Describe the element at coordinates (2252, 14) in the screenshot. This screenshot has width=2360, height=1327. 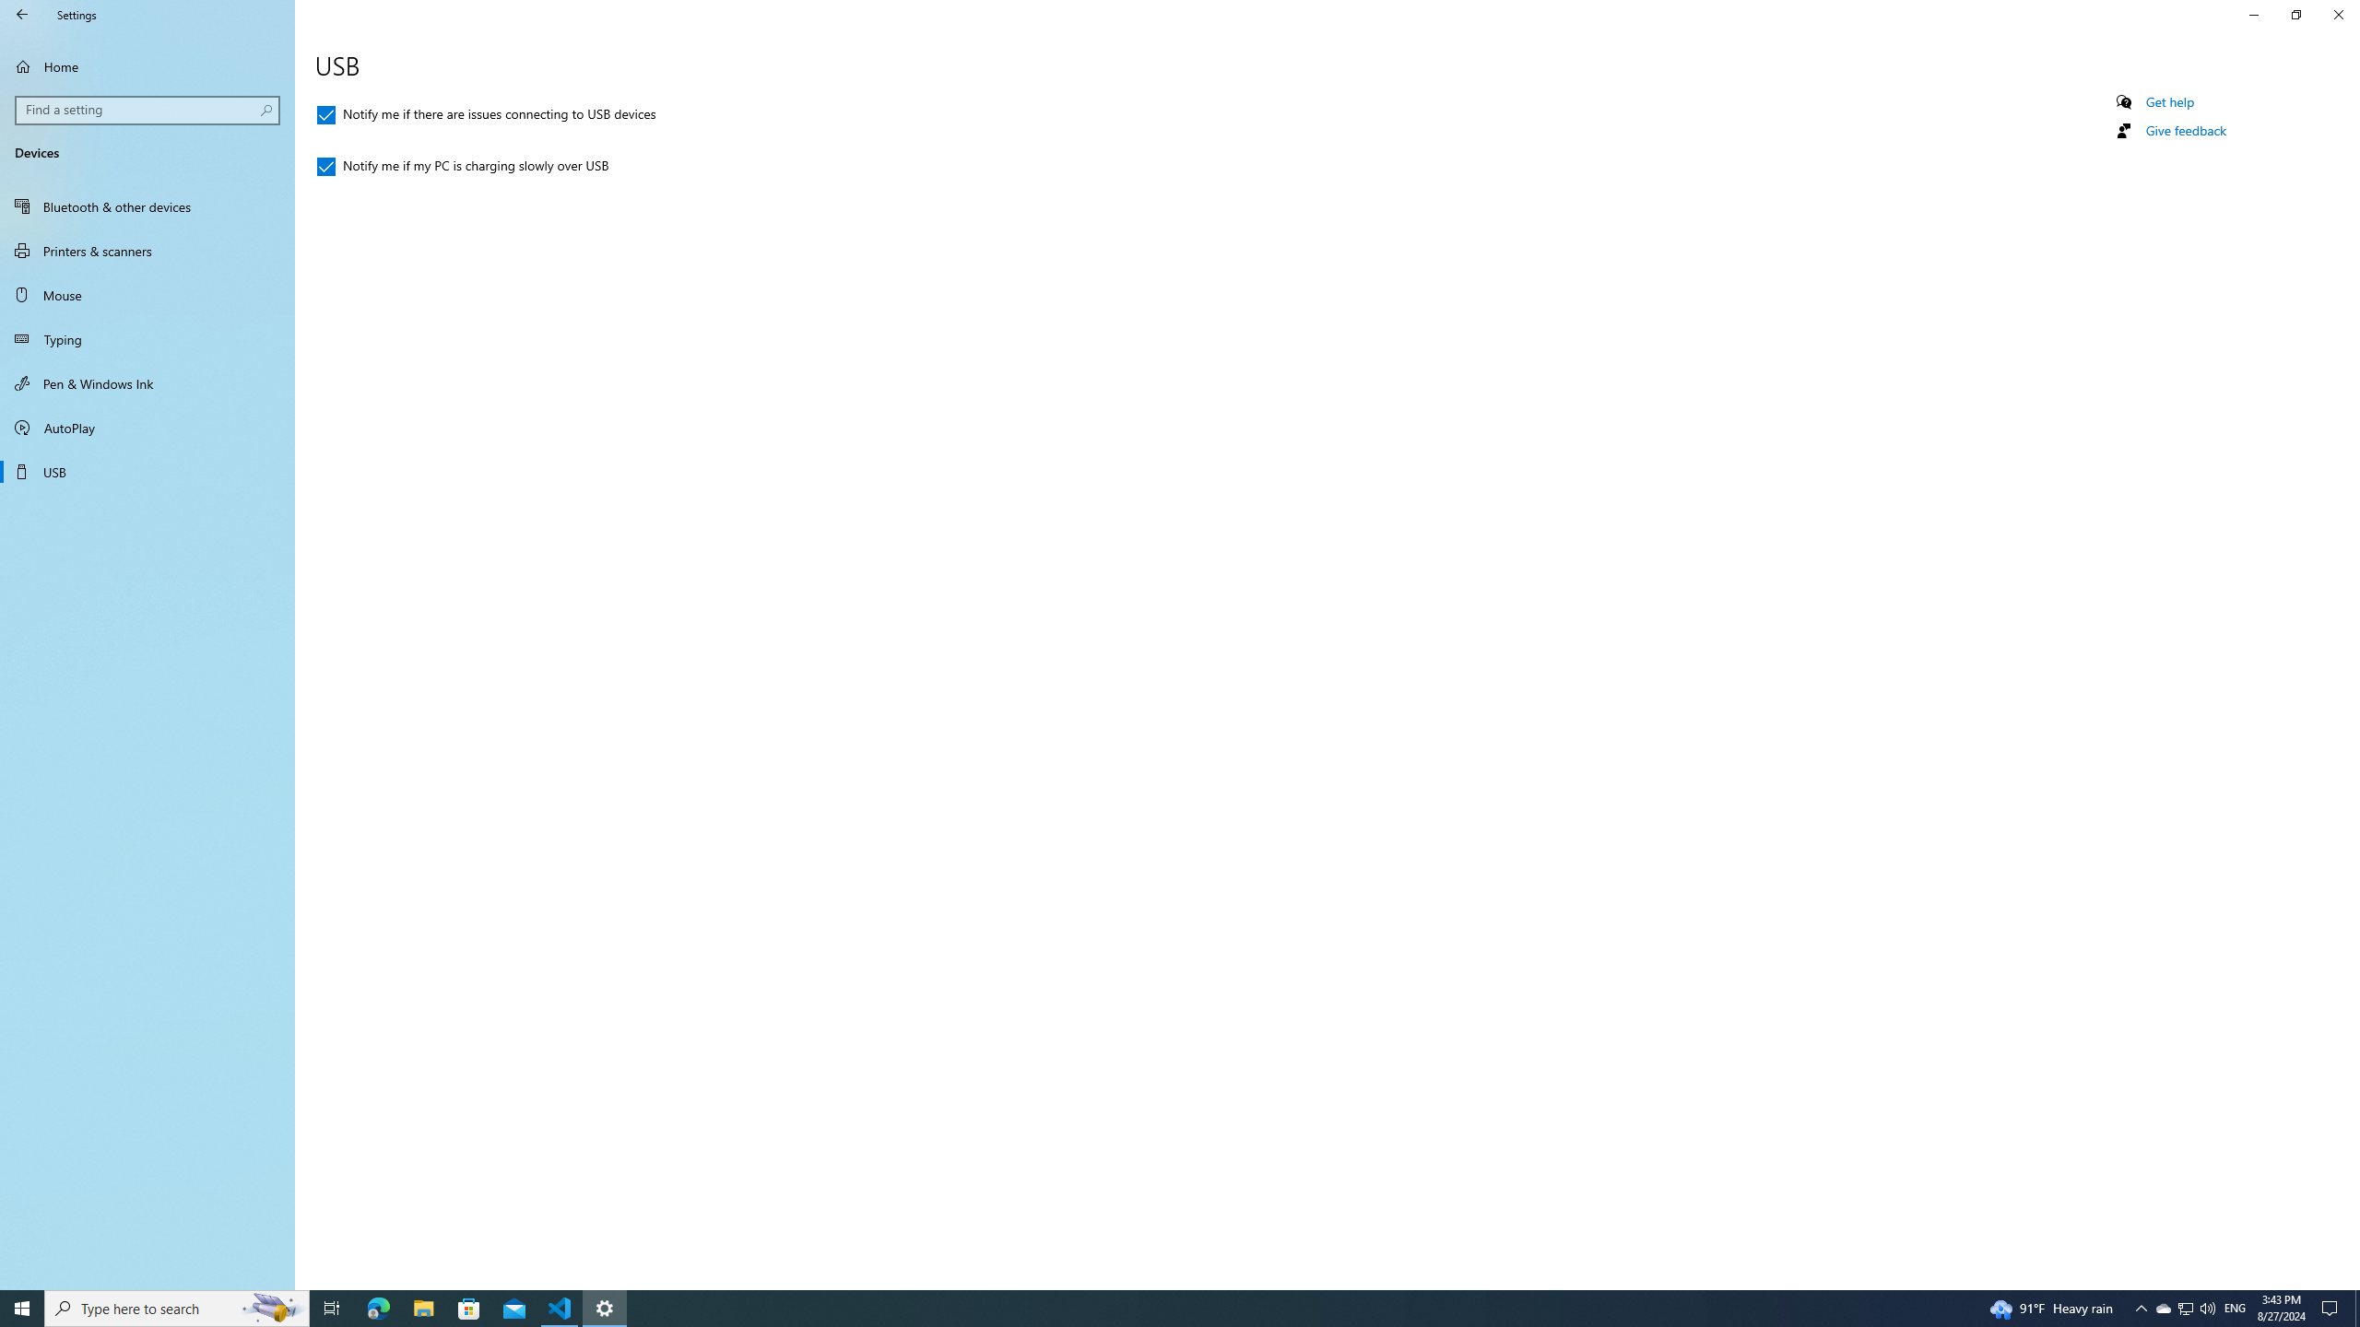
I see `'Minimize Settings'` at that location.